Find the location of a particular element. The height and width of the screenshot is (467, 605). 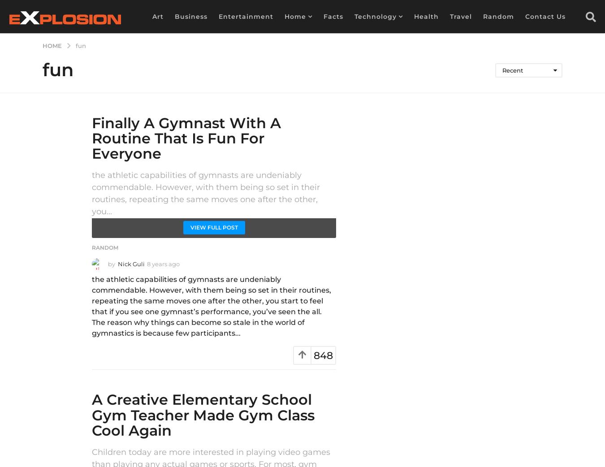

'DIY' is located at coordinates (257, 52).